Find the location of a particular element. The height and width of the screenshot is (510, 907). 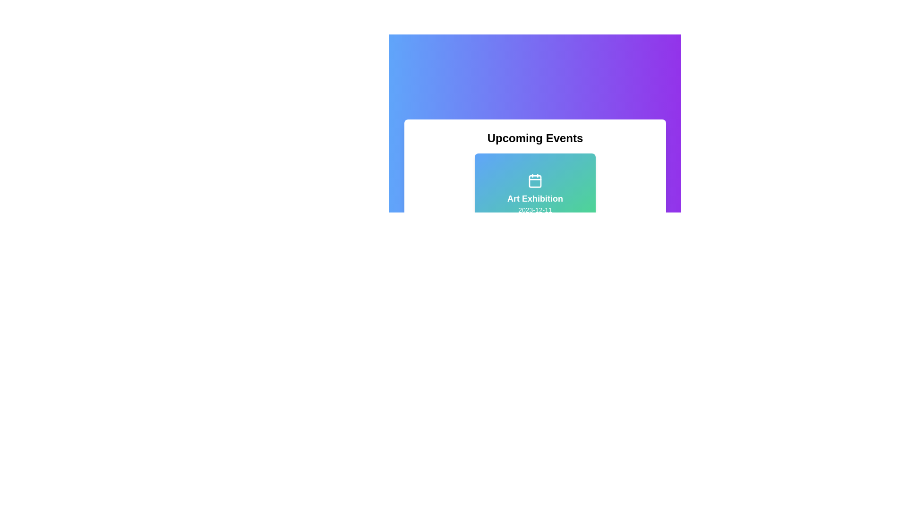

the text label displaying the title 'Art Exhibition', which is centrally aligned below a calendar icon and above the dates and location labels is located at coordinates (535, 198).